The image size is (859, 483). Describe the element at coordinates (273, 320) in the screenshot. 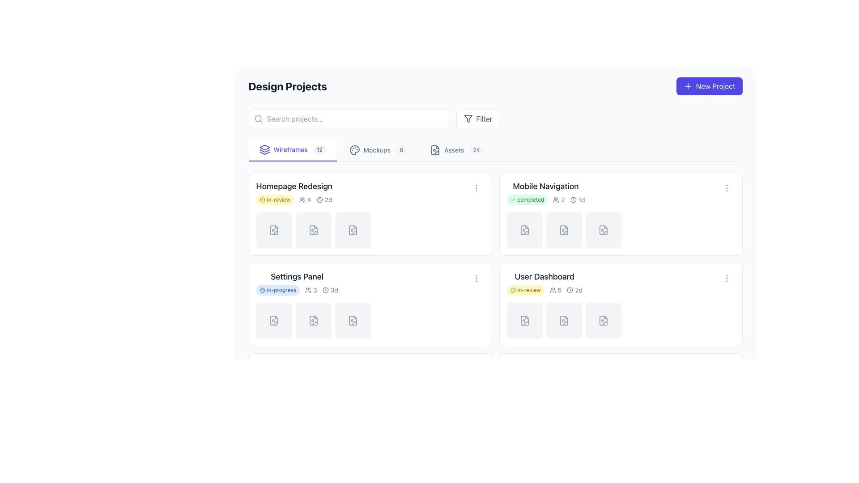

I see `the first icon in the row of three icons under the 'Settings Panel' section, which serves as a visual indicator for image-related content, located in a grayed-out background box` at that location.